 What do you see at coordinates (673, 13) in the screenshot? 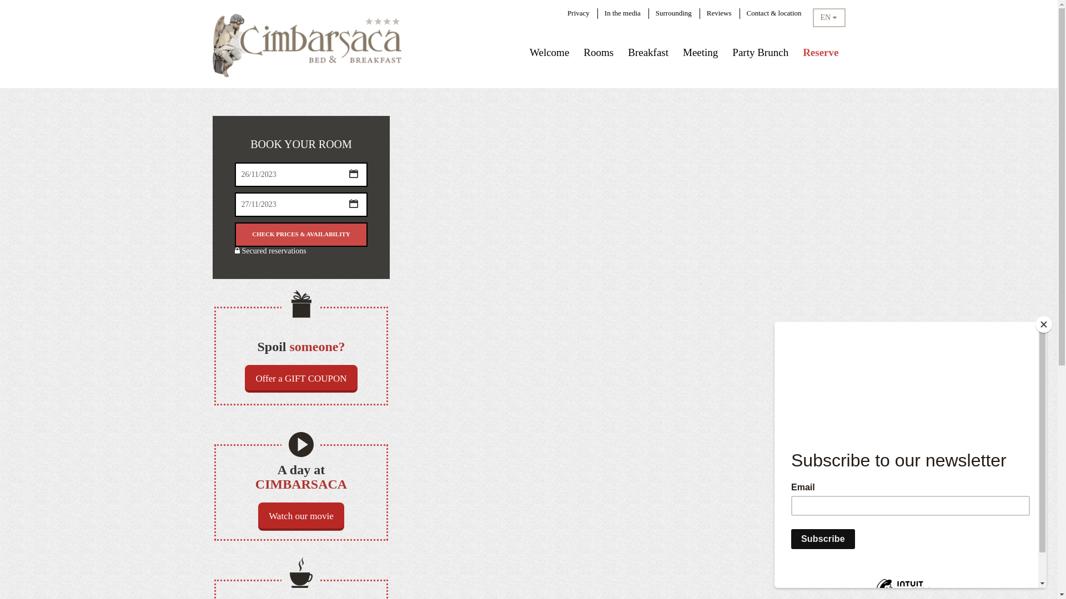
I see `'Surrounding'` at bounding box center [673, 13].